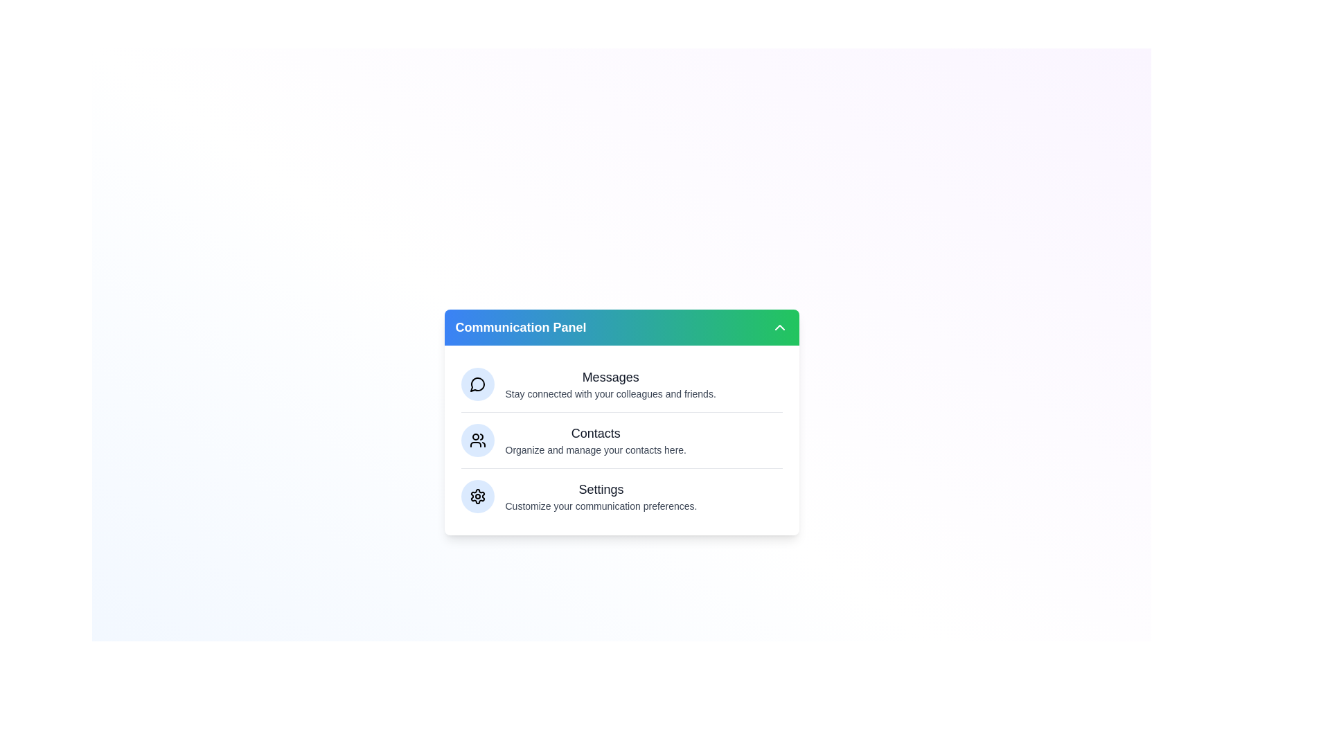 The height and width of the screenshot is (748, 1330). What do you see at coordinates (621, 328) in the screenshot?
I see `the header button to toggle the panel open or closed` at bounding box center [621, 328].